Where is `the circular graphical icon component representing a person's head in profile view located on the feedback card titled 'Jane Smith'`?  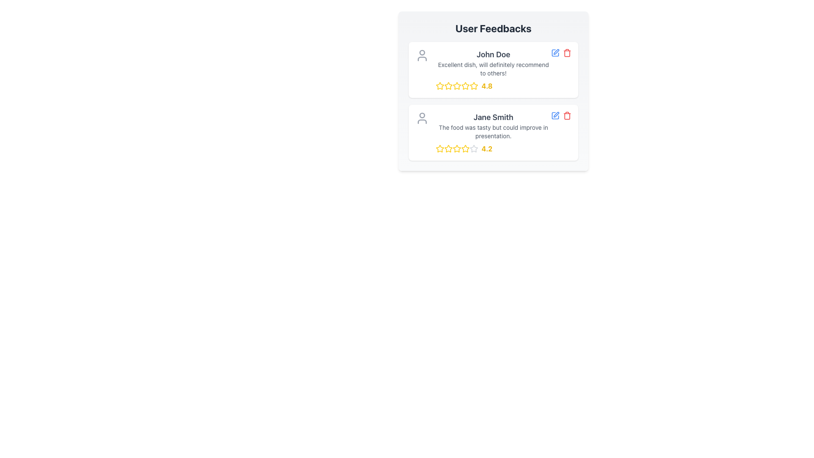 the circular graphical icon component representing a person's head in profile view located on the feedback card titled 'Jane Smith' is located at coordinates (422, 115).